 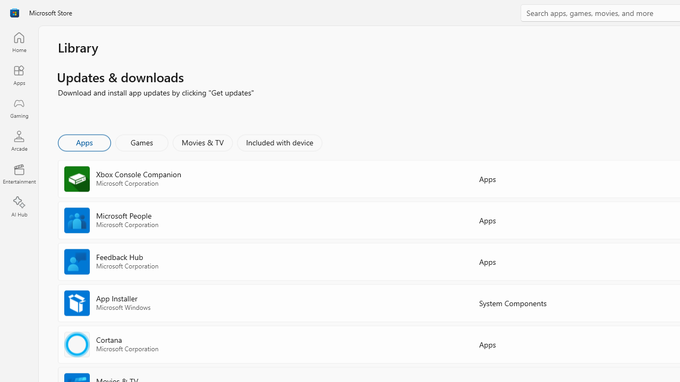 I want to click on 'AI Hub', so click(x=19, y=207).